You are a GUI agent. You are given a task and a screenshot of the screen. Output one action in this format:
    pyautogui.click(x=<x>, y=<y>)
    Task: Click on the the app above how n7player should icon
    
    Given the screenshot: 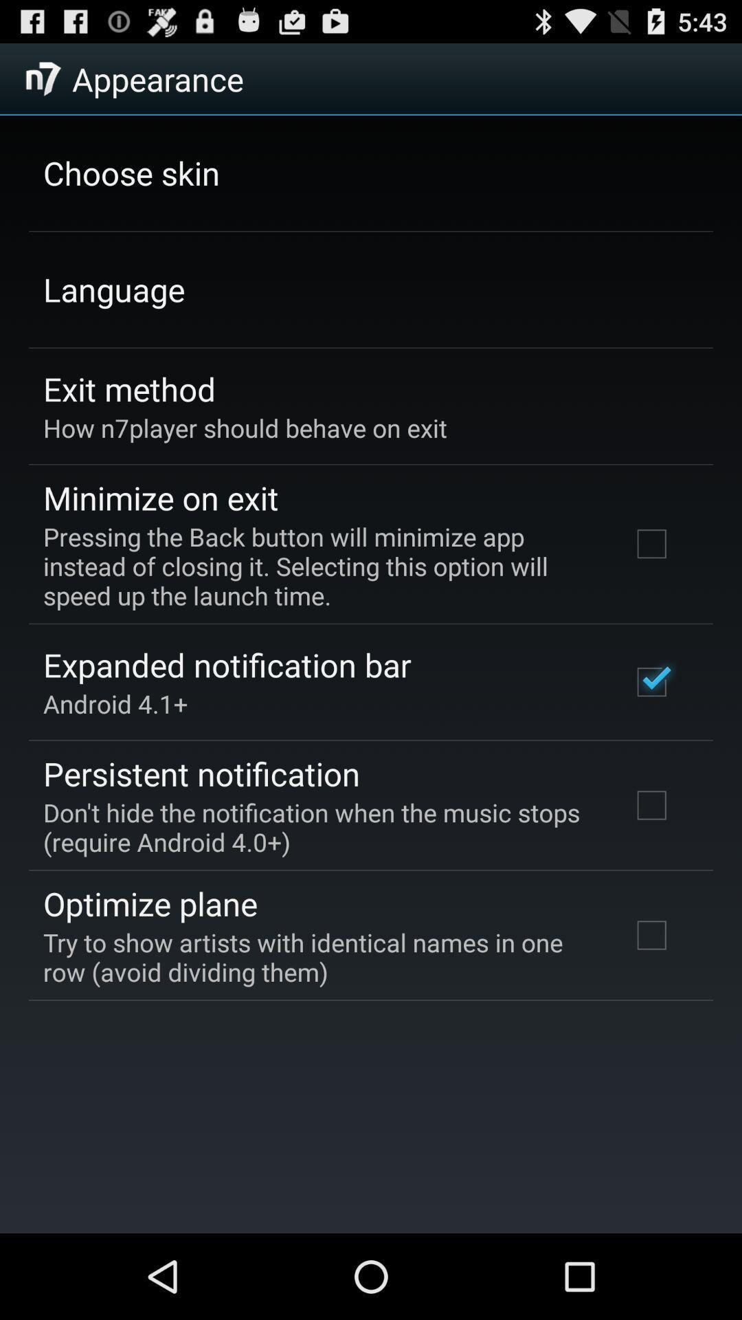 What is the action you would take?
    pyautogui.click(x=129, y=388)
    